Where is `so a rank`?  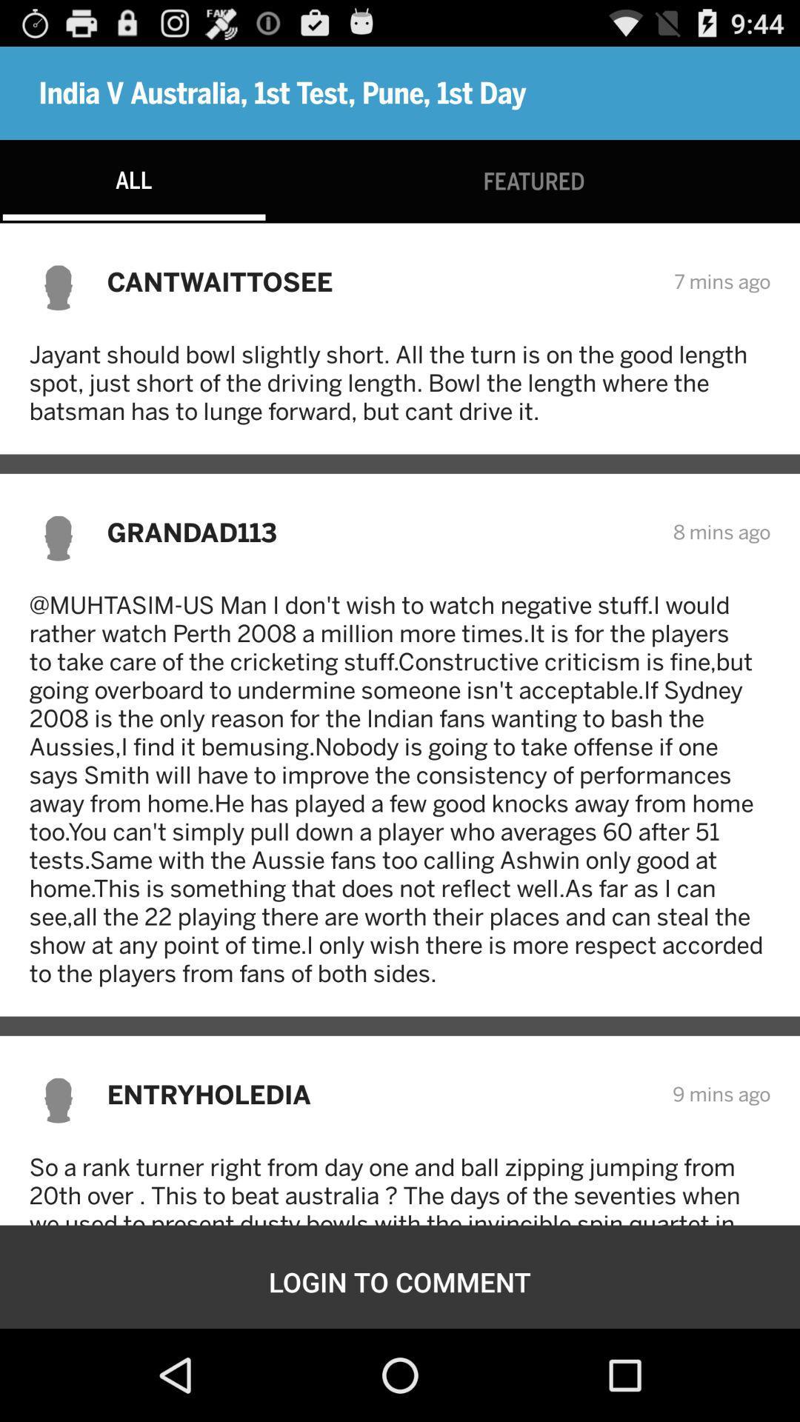
so a rank is located at coordinates (400, 1189).